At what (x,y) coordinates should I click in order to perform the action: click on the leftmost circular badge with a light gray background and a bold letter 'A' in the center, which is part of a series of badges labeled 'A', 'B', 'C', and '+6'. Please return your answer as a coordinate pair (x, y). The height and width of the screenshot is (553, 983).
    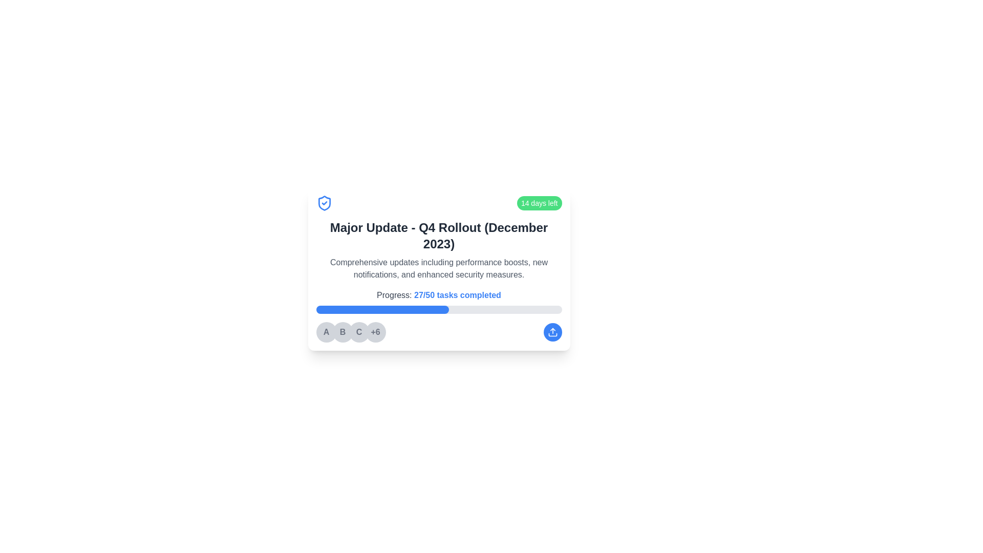
    Looking at the image, I should click on (326, 332).